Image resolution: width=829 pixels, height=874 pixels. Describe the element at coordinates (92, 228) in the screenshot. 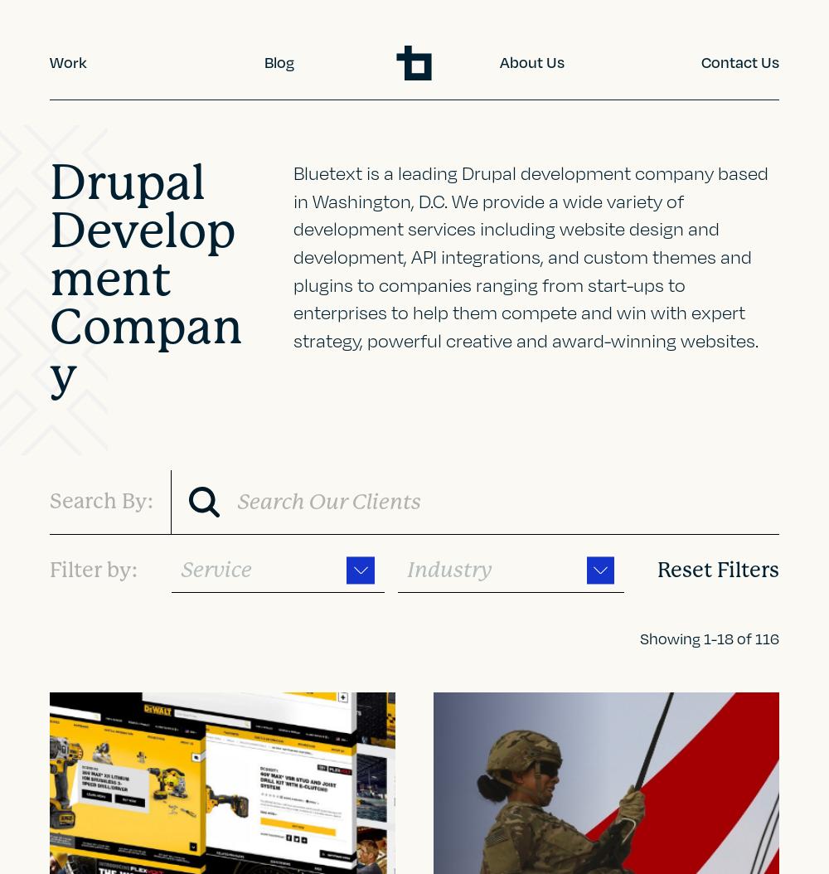

I see `'Branding'` at that location.